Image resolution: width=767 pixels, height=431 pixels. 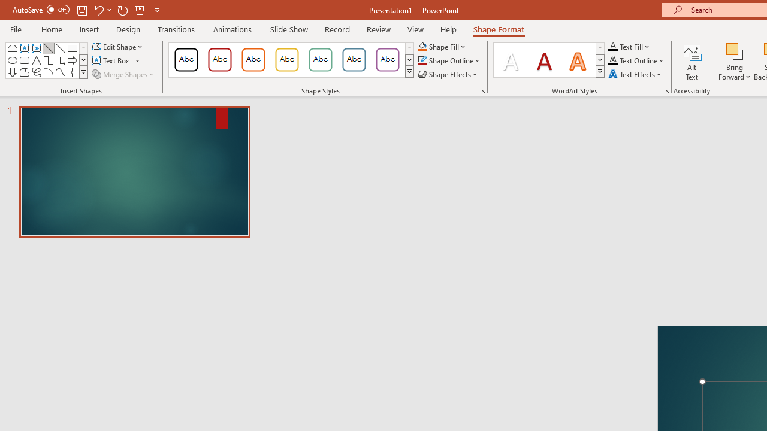 I want to click on 'Isosceles Triangle', so click(x=36, y=60).